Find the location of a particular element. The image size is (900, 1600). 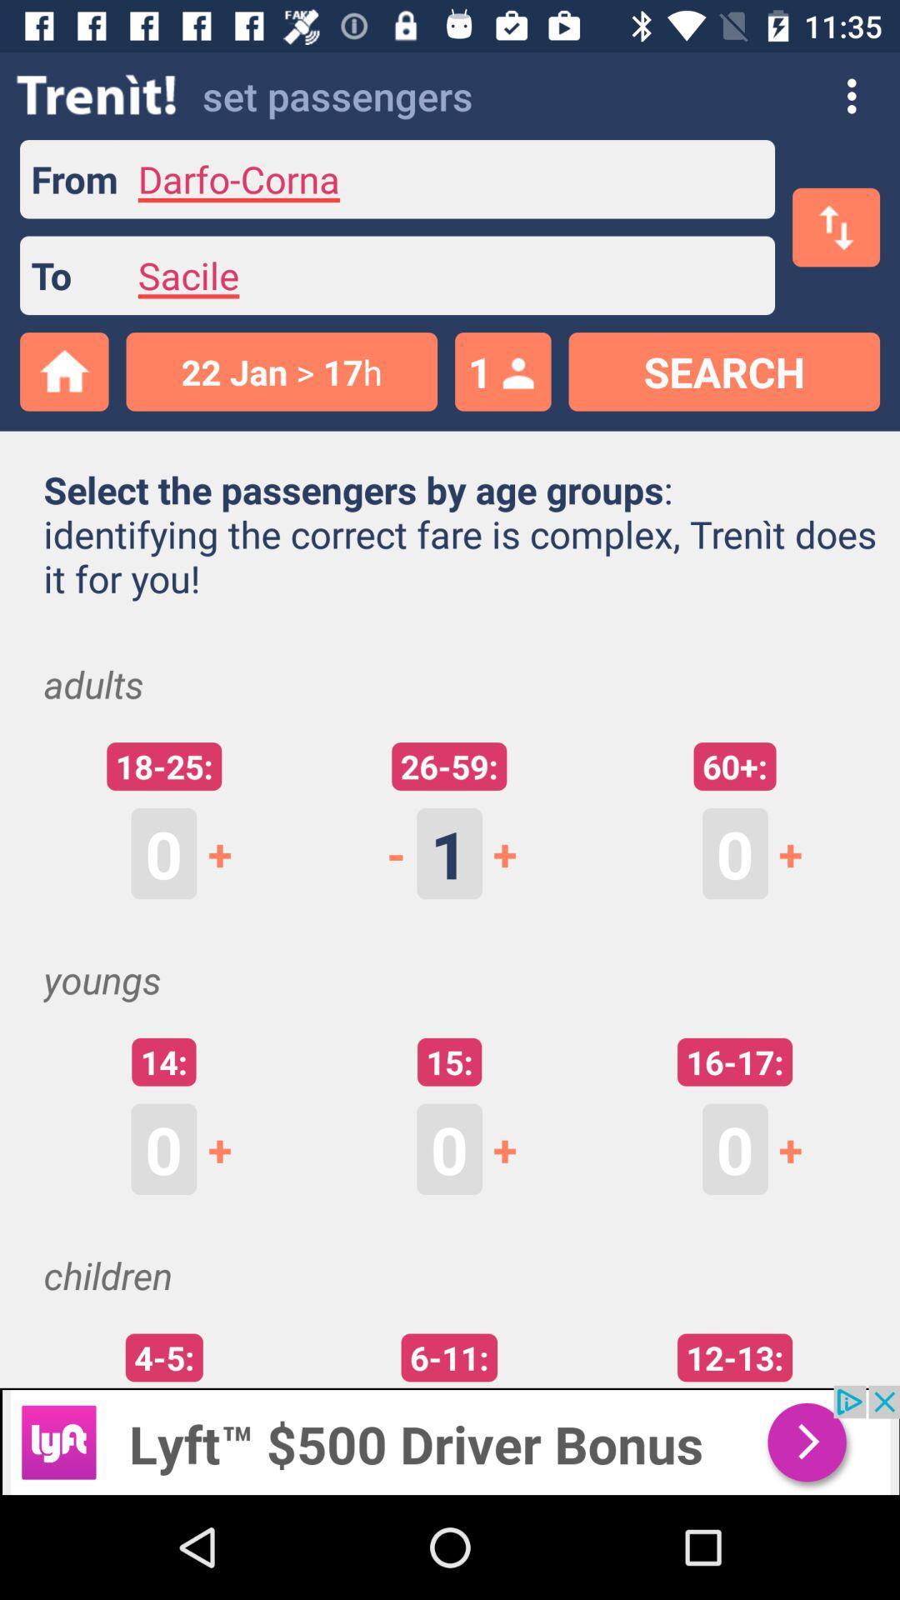

the home icon is located at coordinates (63, 371).